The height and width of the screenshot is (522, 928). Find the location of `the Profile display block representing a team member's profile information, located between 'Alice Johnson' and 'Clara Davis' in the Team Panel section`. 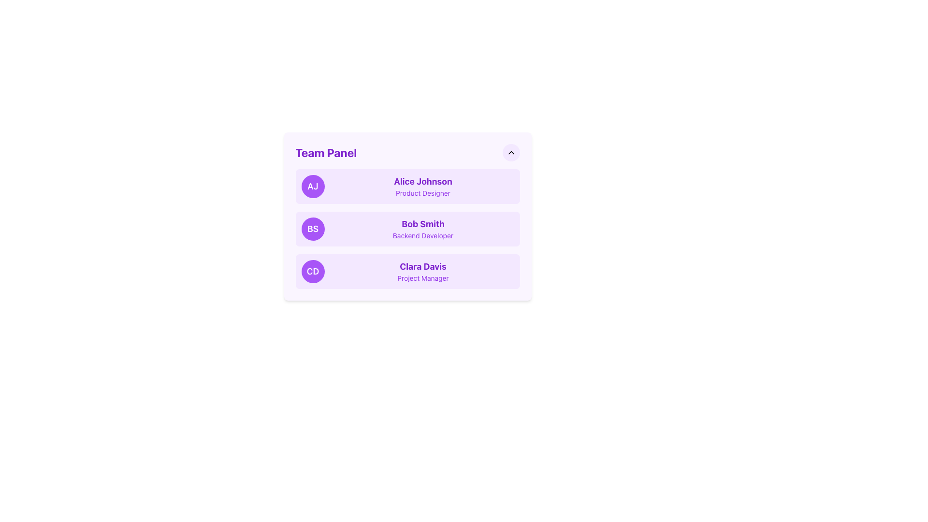

the Profile display block representing a team member's profile information, located between 'Alice Johnson' and 'Clara Davis' in the Team Panel section is located at coordinates (423, 229).